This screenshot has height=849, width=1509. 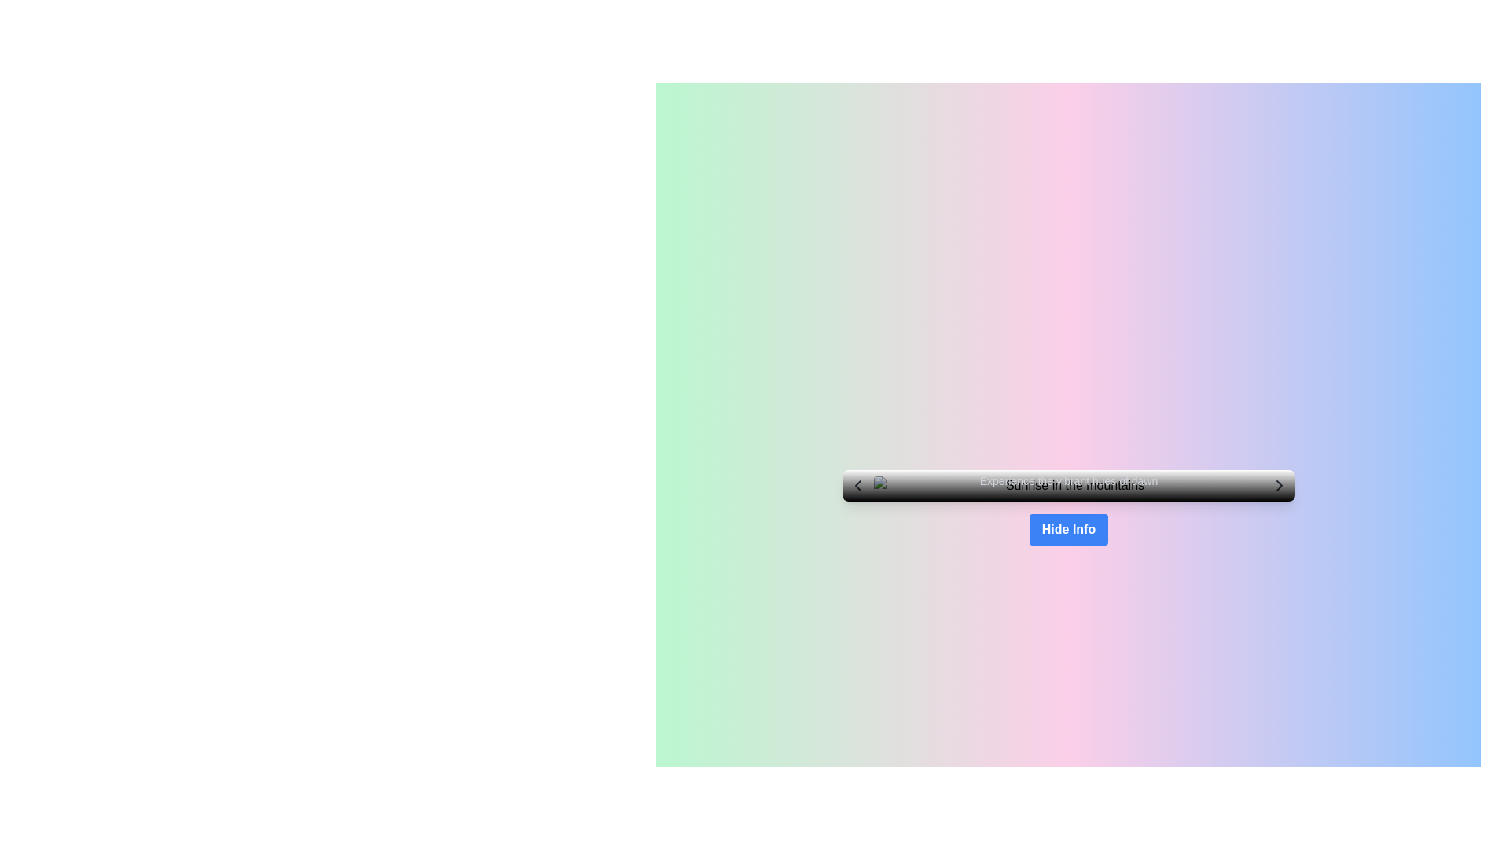 What do you see at coordinates (857, 484) in the screenshot?
I see `the left-facing chevron icon button styled with a simple outline and no fill` at bounding box center [857, 484].